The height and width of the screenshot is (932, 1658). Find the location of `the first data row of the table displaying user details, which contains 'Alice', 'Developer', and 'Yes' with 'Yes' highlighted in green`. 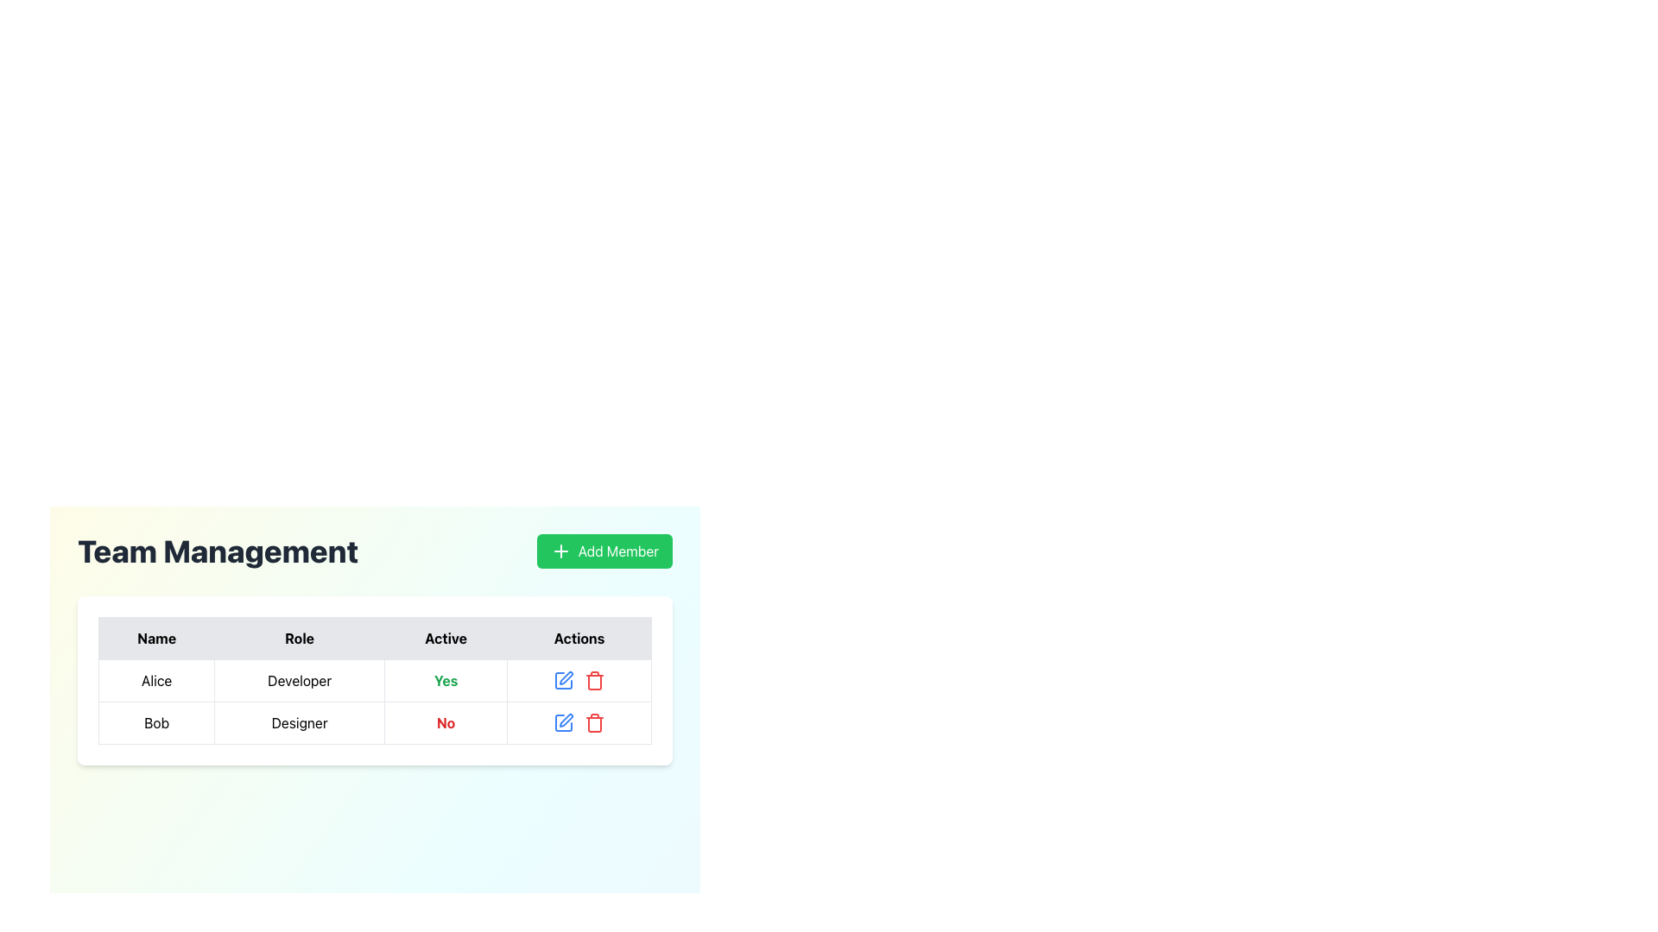

the first data row of the table displaying user details, which contains 'Alice', 'Developer', and 'Yes' with 'Yes' highlighted in green is located at coordinates (374, 702).